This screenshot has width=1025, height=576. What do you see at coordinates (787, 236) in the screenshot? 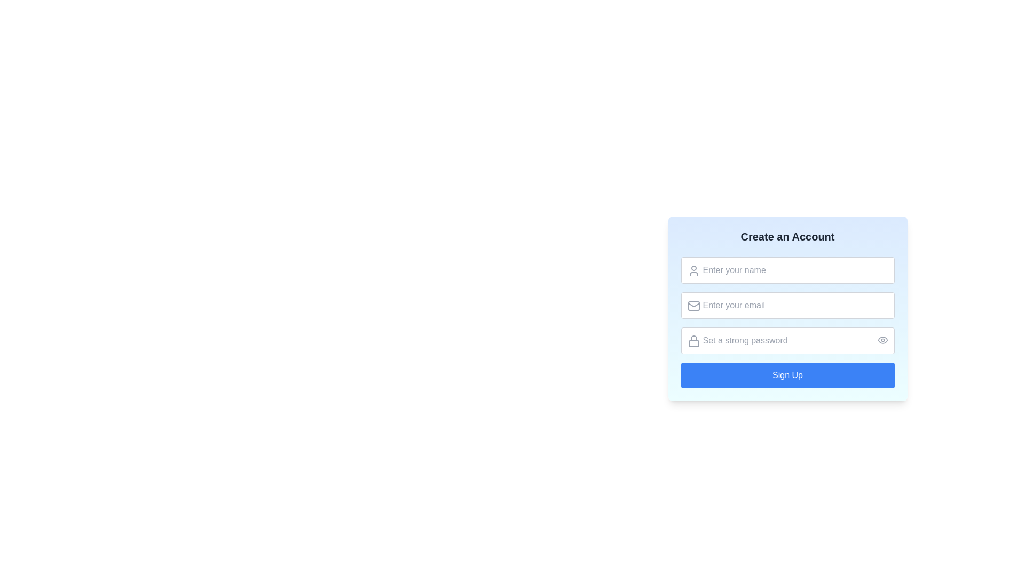
I see `the prominently styled textual header that says 'Create an Account', which is located at the top of the form card` at bounding box center [787, 236].